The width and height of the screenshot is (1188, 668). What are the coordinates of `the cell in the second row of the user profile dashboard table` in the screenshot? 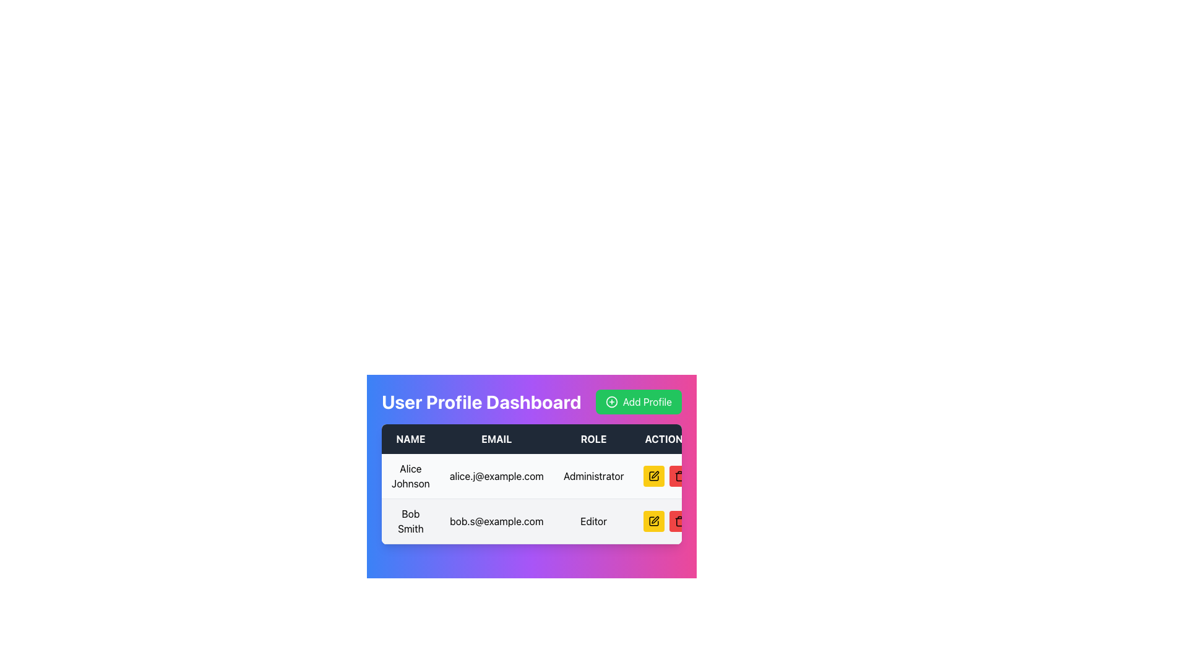 It's located at (541, 498).